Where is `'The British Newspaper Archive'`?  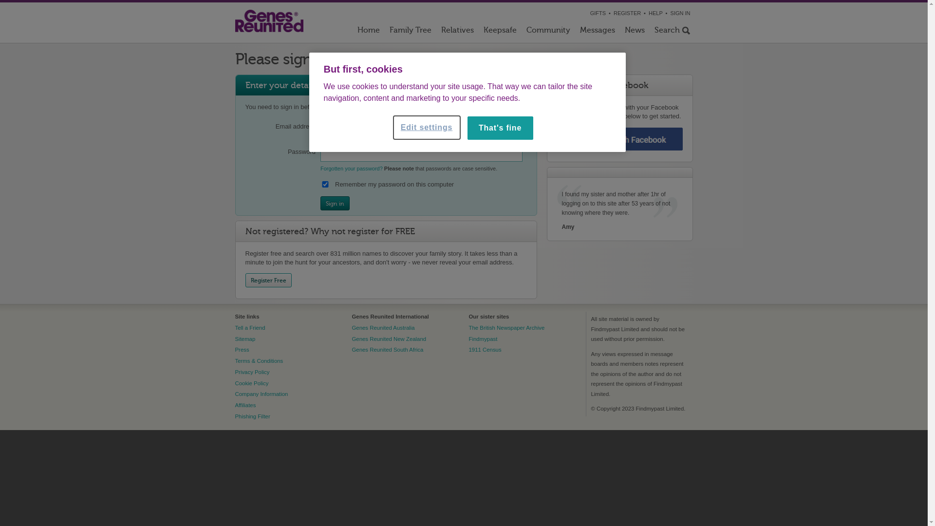
'The British Newspaper Archive' is located at coordinates (506, 327).